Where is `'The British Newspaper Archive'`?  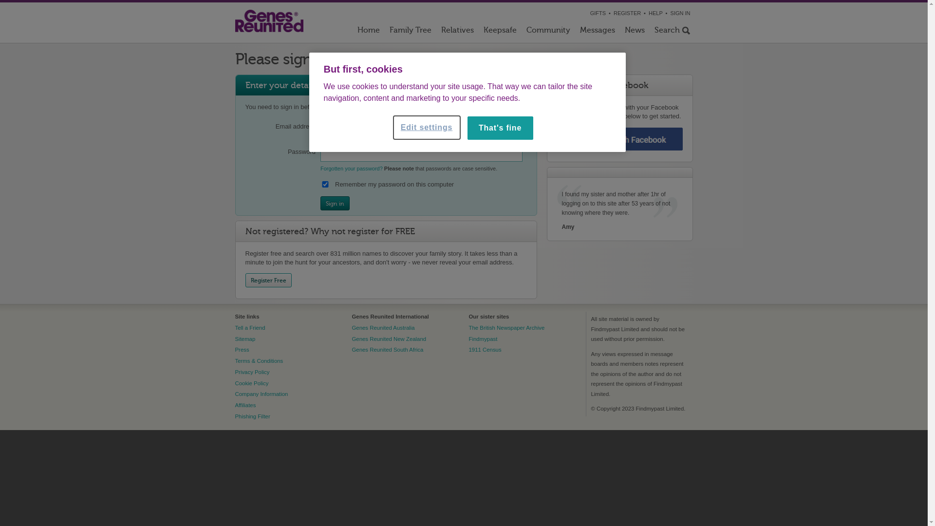
'The British Newspaper Archive' is located at coordinates (506, 327).